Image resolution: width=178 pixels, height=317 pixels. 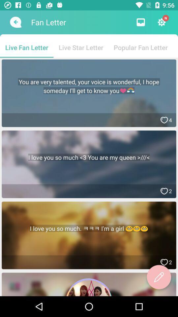 I want to click on item next to the fan letter icon, so click(x=15, y=22).